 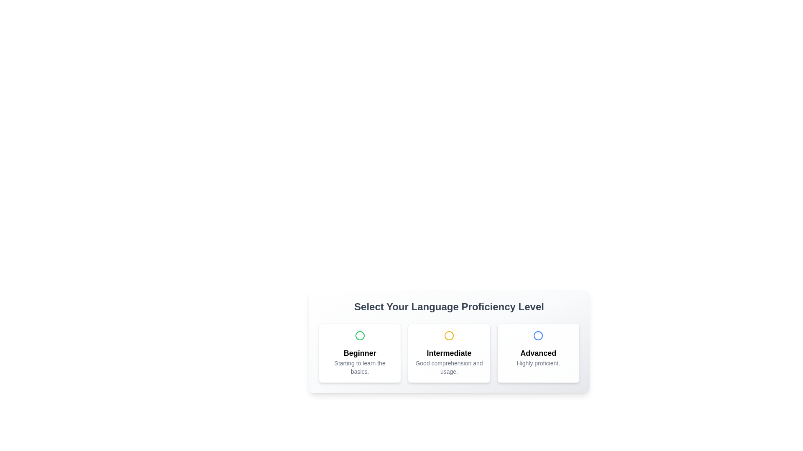 What do you see at coordinates (449, 335) in the screenshot?
I see `the circular icon representing the 'Intermediate' language proficiency level, located at the center of the button labeled 'Intermediate'` at bounding box center [449, 335].